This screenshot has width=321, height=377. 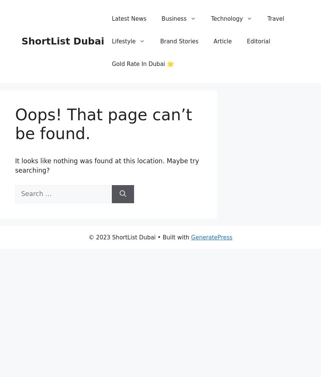 I want to click on 'ShortList Dubai', so click(x=63, y=41).